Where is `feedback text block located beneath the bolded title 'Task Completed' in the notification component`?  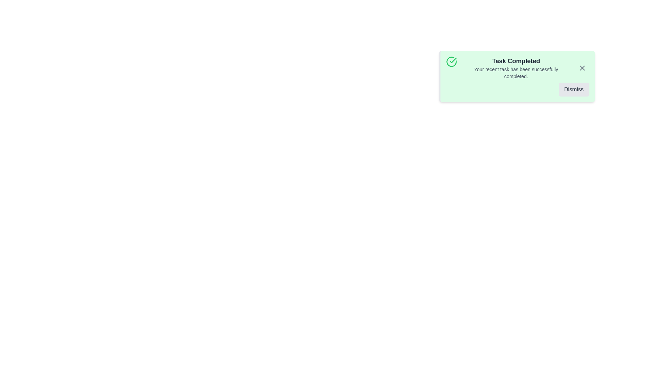 feedback text block located beneath the bolded title 'Task Completed' in the notification component is located at coordinates (516, 73).